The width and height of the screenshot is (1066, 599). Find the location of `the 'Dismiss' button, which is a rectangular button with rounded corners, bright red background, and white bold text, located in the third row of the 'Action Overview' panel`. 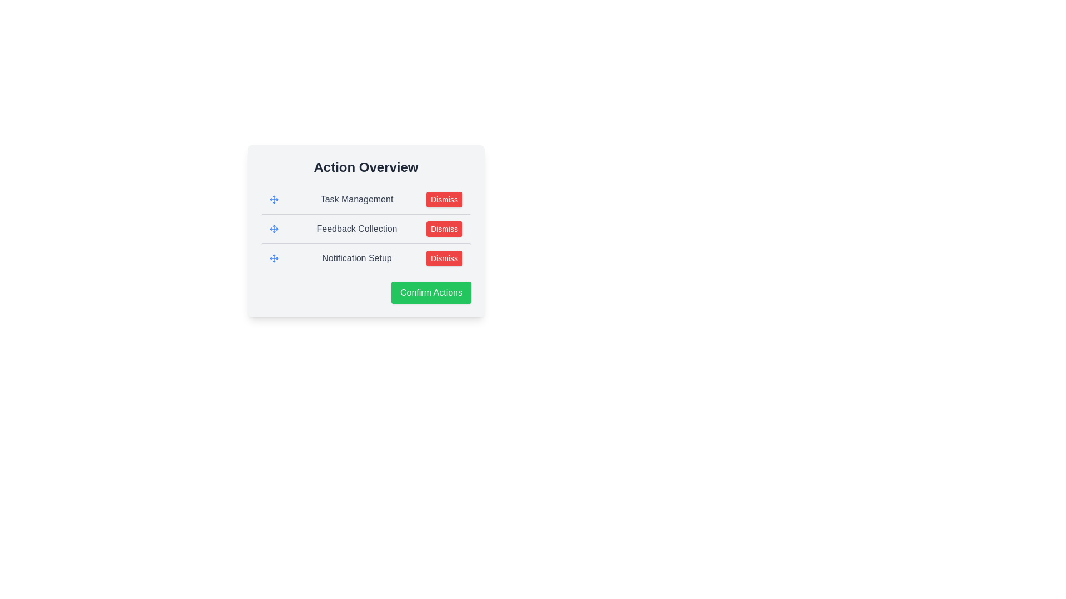

the 'Dismiss' button, which is a rectangular button with rounded corners, bright red background, and white bold text, located in the third row of the 'Action Overview' panel is located at coordinates (444, 228).